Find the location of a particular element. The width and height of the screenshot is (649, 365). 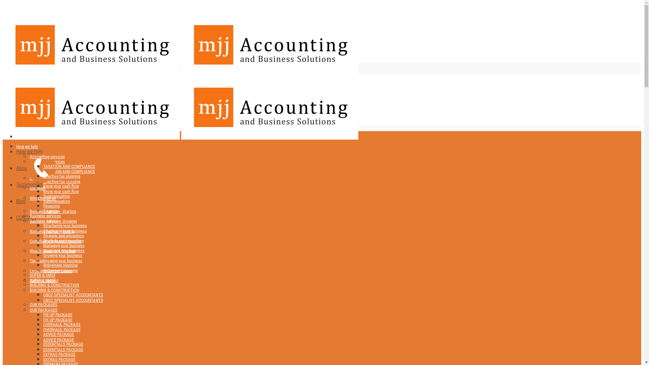

'About us' is located at coordinates (16, 168).